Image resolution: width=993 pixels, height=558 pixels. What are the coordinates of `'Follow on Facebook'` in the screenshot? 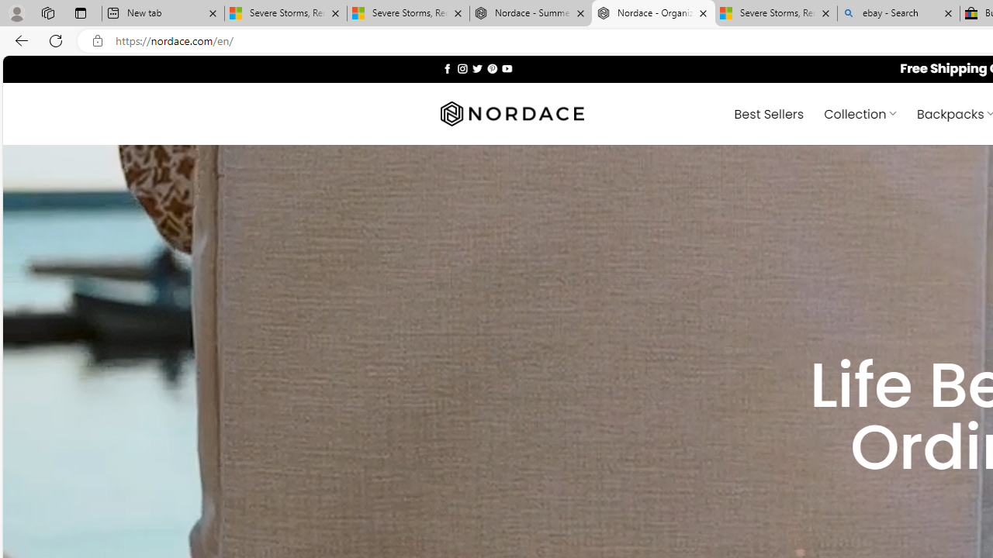 It's located at (447, 67).